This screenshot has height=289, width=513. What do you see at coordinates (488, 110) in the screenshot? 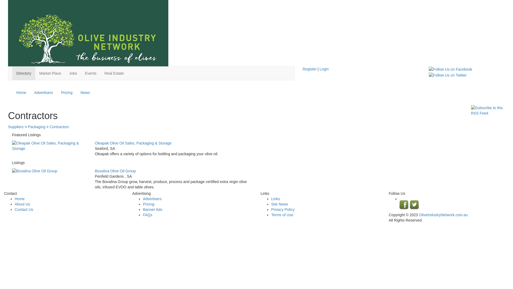
I see `'Subscribe to this RSS Feed'` at bounding box center [488, 110].